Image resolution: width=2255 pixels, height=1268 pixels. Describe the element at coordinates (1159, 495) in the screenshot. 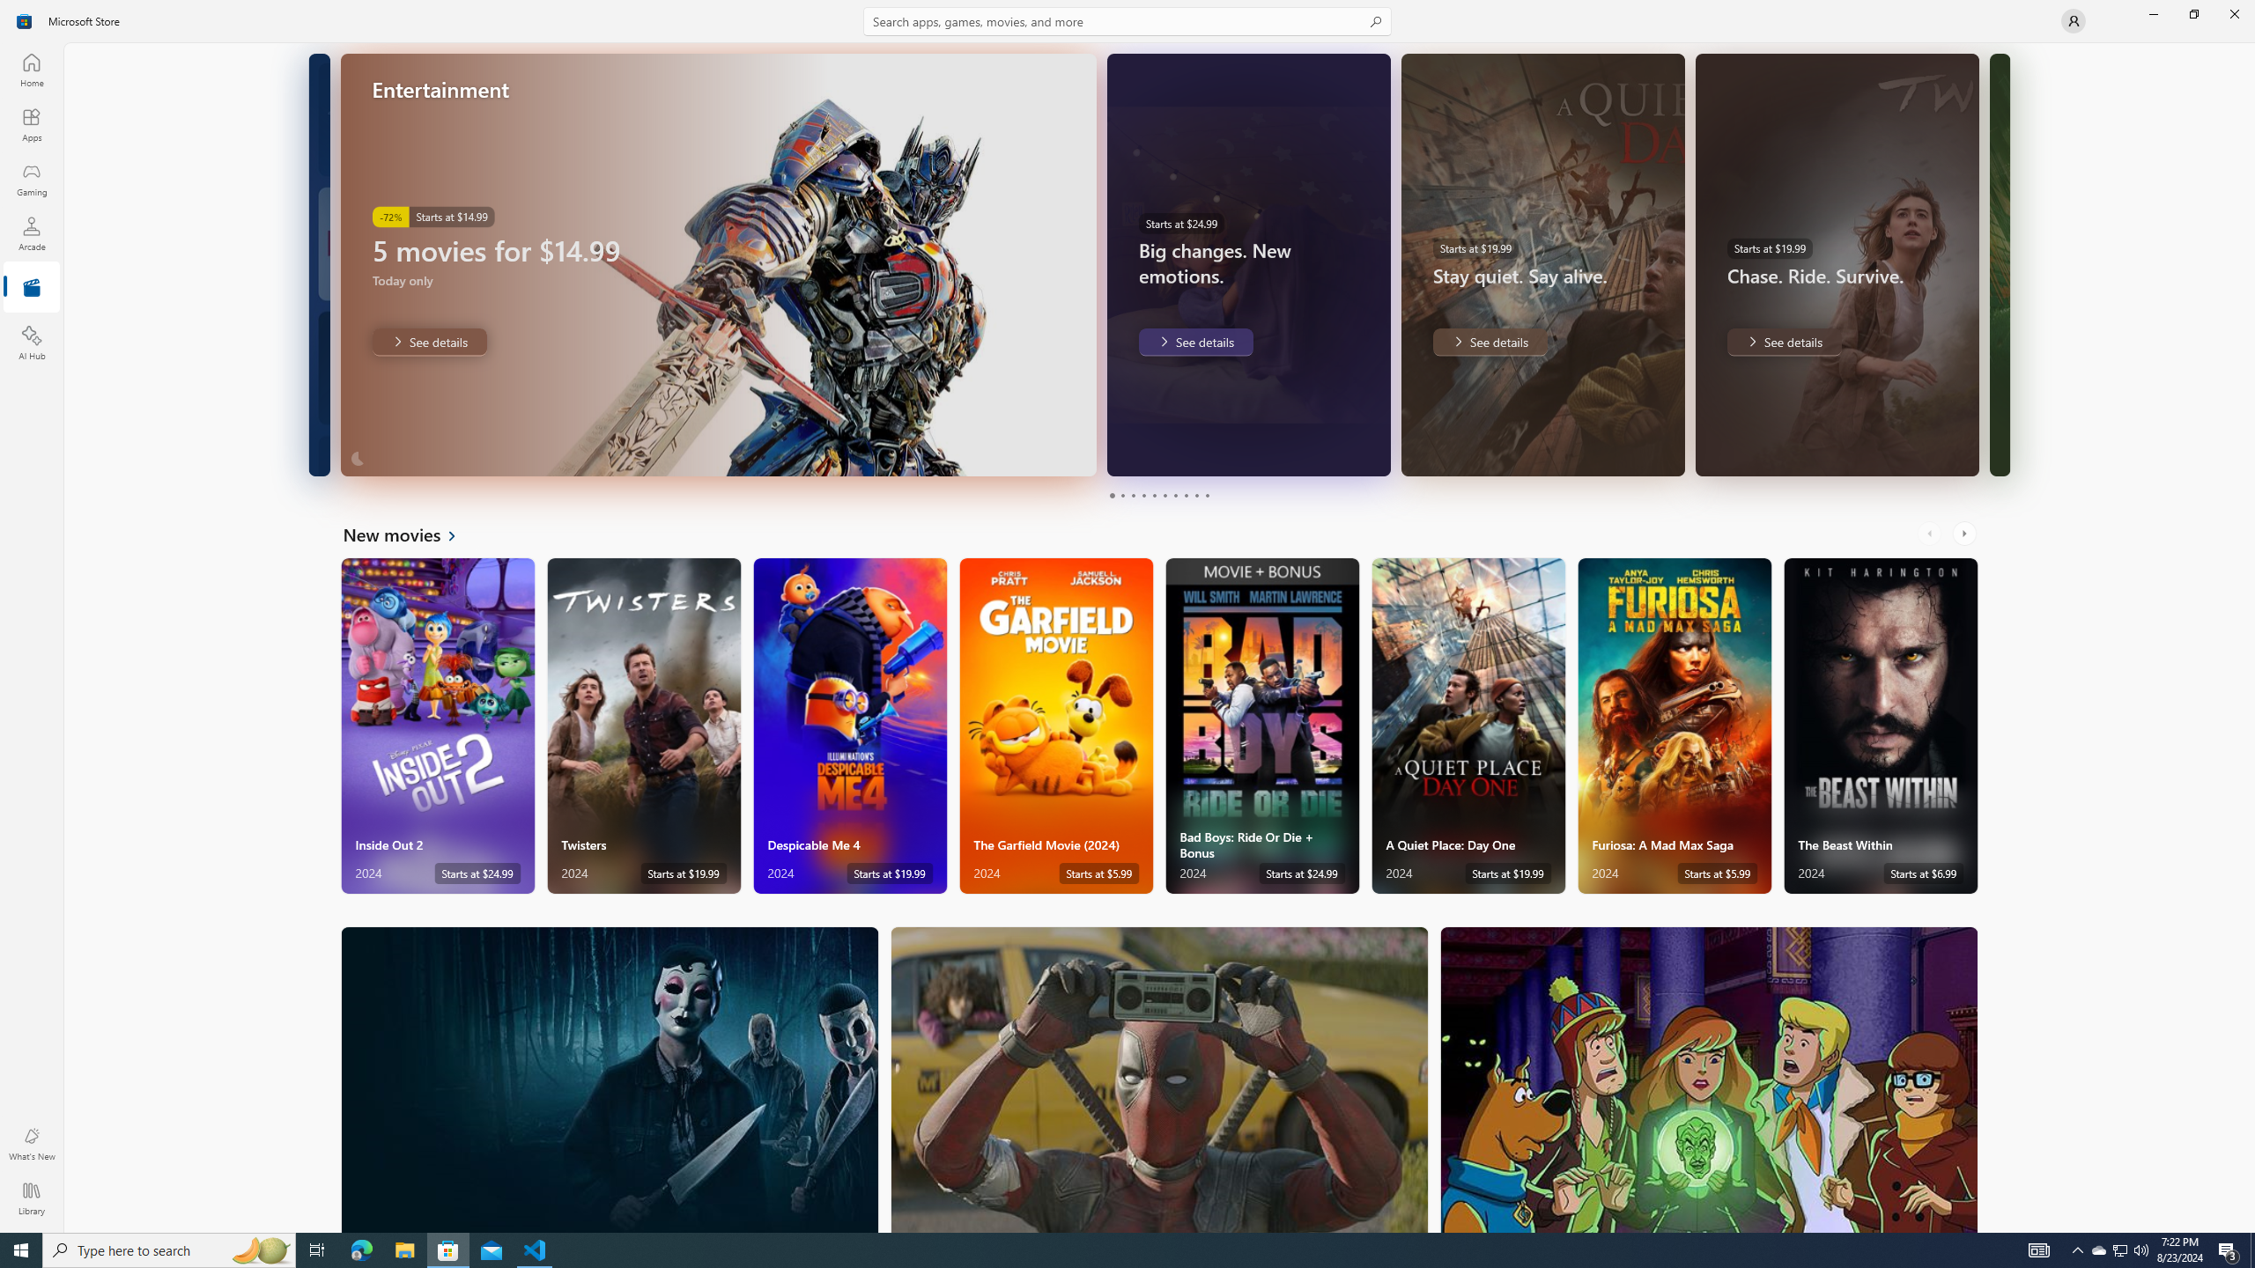

I see `'Pager'` at that location.